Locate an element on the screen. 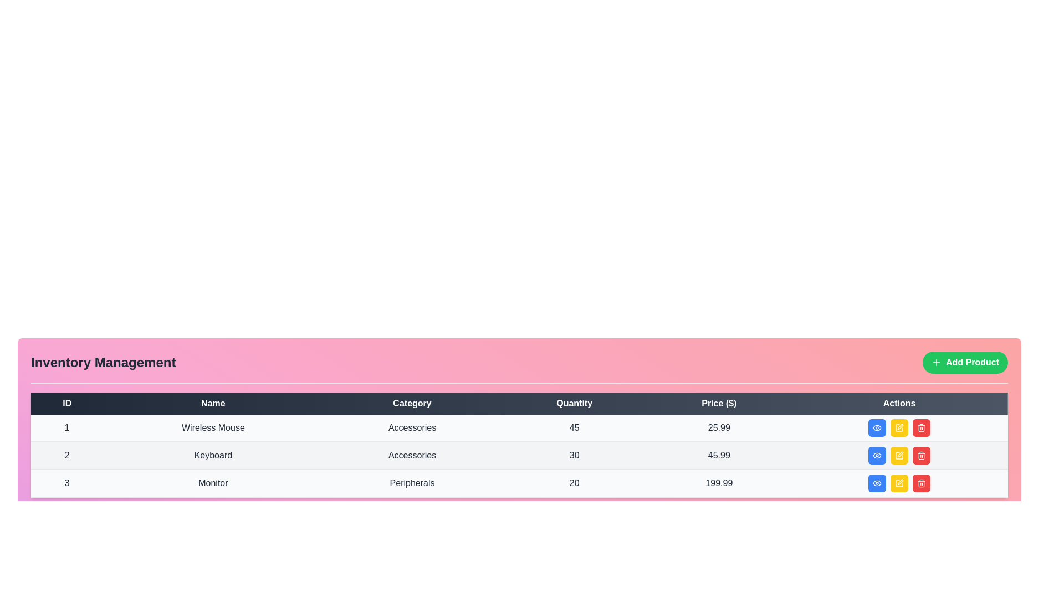  the text label displaying 'Wireless Mouse', which is styled with gray color and centered alignment in the 'Name' column of the table is located at coordinates (213, 427).